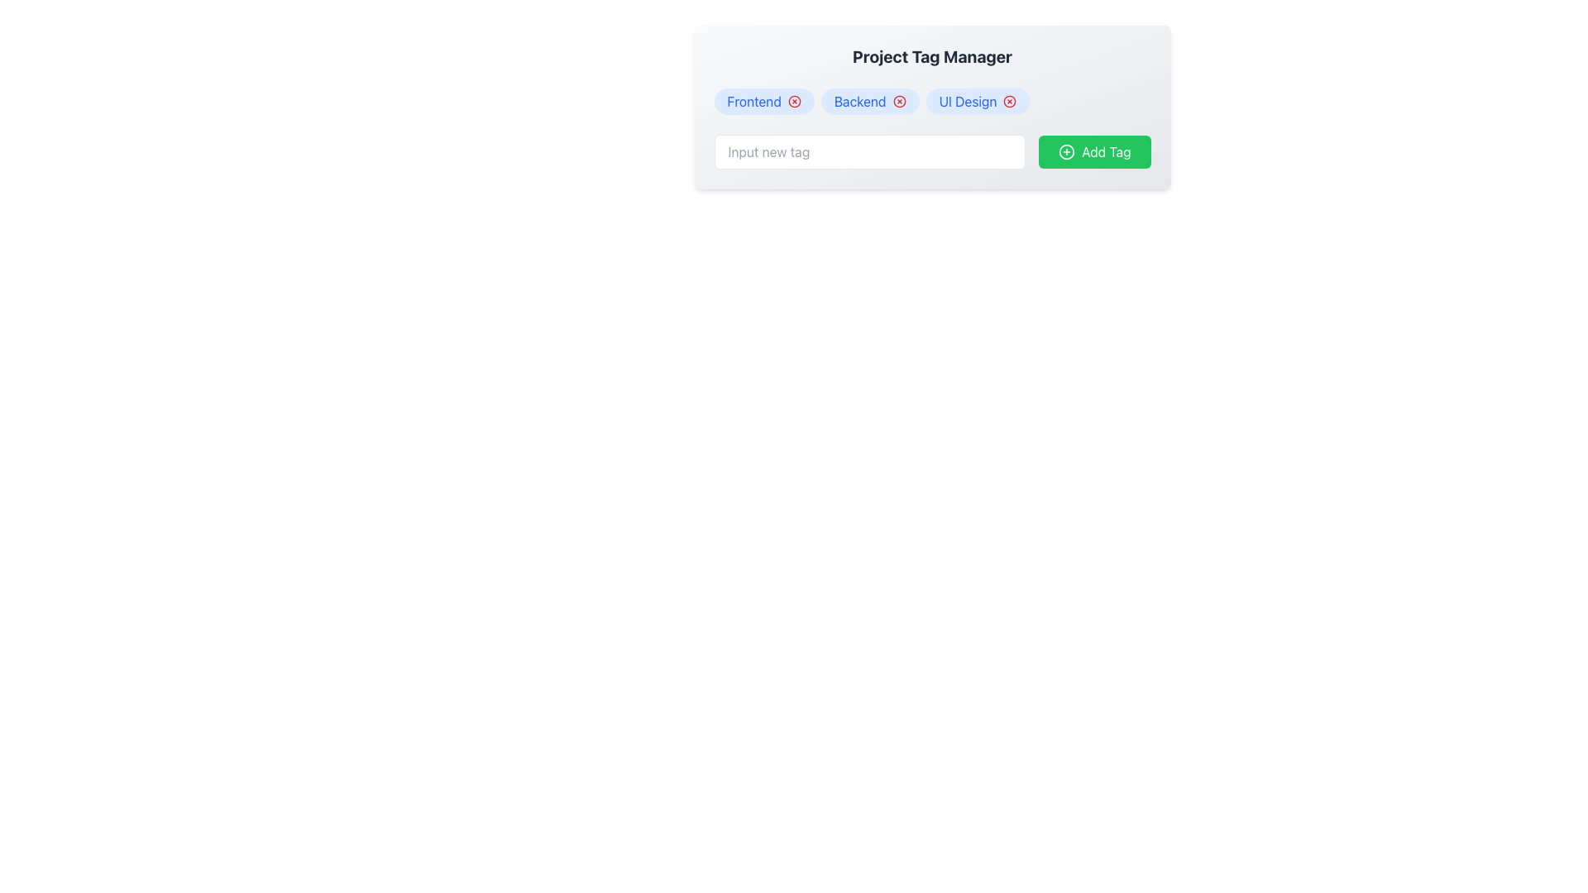 The height and width of the screenshot is (893, 1588). What do you see at coordinates (978, 102) in the screenshot?
I see `the 'x' icon on the third tag labeled 'UI Design' in the Project Tag Manager section` at bounding box center [978, 102].